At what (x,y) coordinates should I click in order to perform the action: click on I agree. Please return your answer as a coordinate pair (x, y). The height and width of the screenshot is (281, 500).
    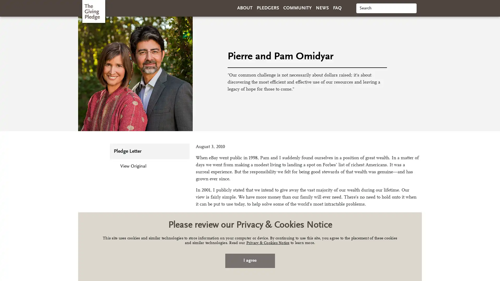
    Looking at the image, I should click on (249, 261).